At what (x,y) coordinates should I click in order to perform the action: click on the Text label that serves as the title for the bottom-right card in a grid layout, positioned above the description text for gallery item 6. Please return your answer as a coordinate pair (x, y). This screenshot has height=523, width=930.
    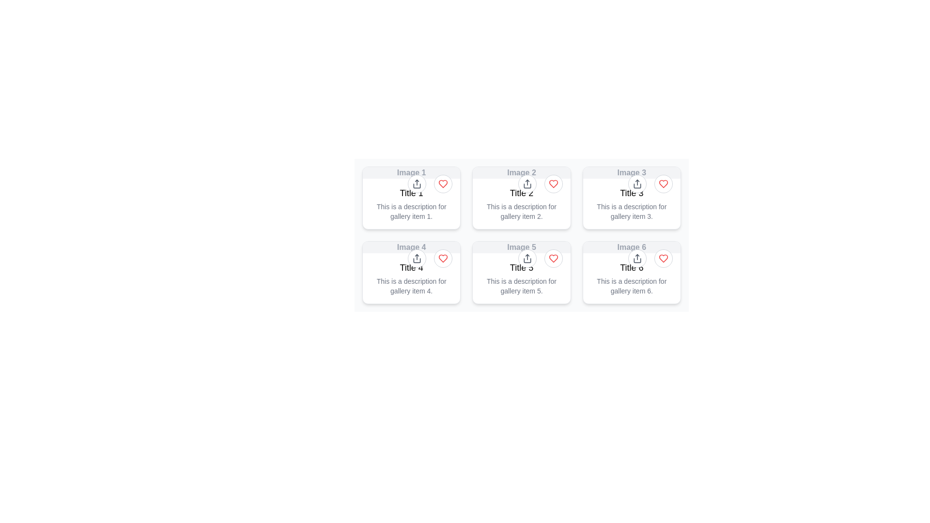
    Looking at the image, I should click on (632, 267).